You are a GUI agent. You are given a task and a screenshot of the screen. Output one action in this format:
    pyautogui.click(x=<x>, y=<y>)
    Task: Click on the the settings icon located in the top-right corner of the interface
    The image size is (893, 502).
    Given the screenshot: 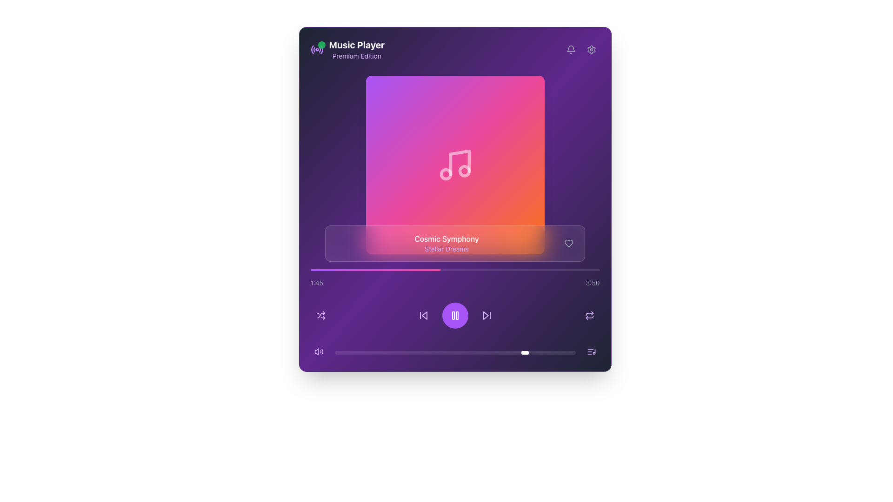 What is the action you would take?
    pyautogui.click(x=591, y=50)
    